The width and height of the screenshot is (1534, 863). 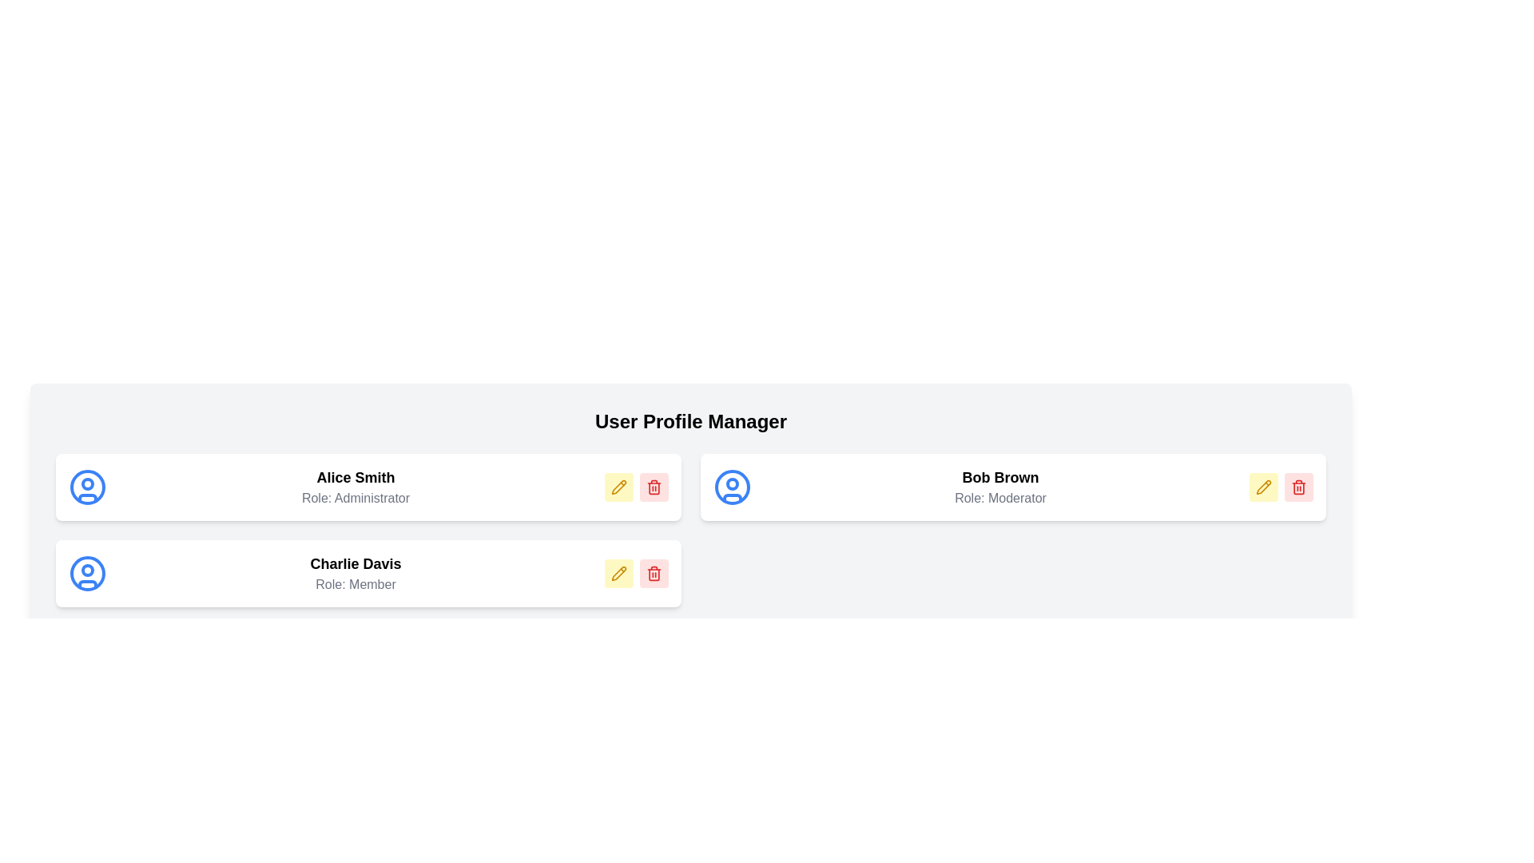 I want to click on the text area containing the user profile's name and role description located at the upper left card in the grid of user profiles, positioned to the right of the blue icon and above the editing and deletion buttons, so click(x=355, y=486).